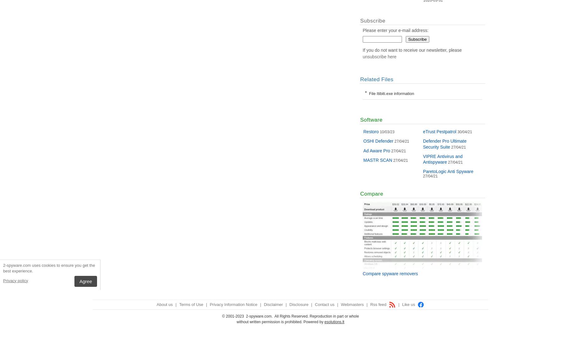 The width and height of the screenshot is (581, 337). I want to click on 'Disclaimer', so click(273, 304).